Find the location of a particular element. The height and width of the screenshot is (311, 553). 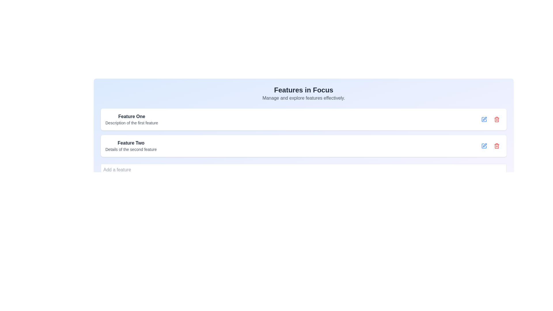

the horizontal action button group located at the right end of the row labeled 'Feature Two' is located at coordinates (490, 145).